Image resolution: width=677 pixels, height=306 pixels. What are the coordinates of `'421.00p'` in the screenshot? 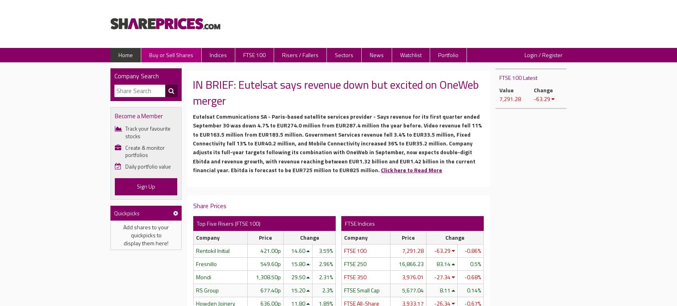 It's located at (270, 250).